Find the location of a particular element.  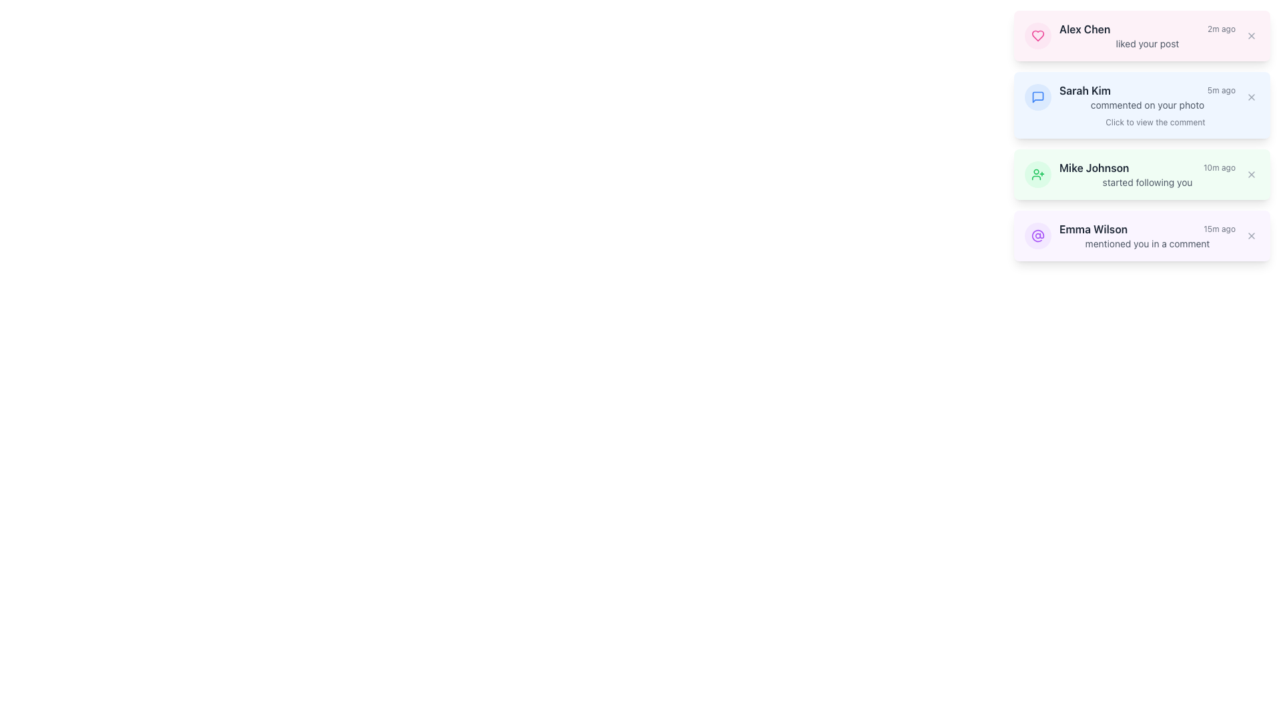

the Notification item containing 'Mike Johnson started following you' for more details, as it is interactive is located at coordinates (1146, 174).